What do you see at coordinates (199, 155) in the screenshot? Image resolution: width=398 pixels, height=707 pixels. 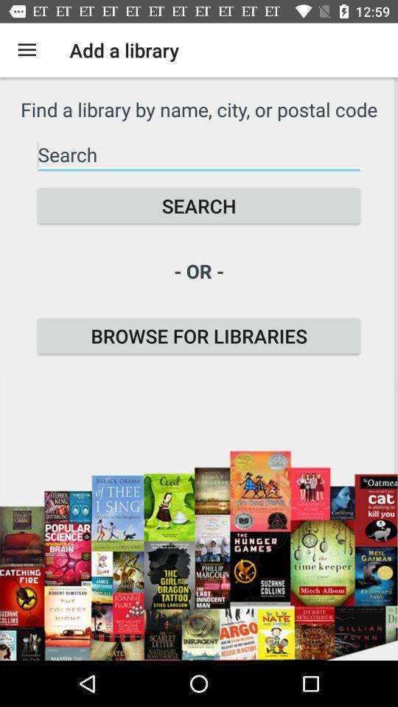 I see `search bar` at bounding box center [199, 155].